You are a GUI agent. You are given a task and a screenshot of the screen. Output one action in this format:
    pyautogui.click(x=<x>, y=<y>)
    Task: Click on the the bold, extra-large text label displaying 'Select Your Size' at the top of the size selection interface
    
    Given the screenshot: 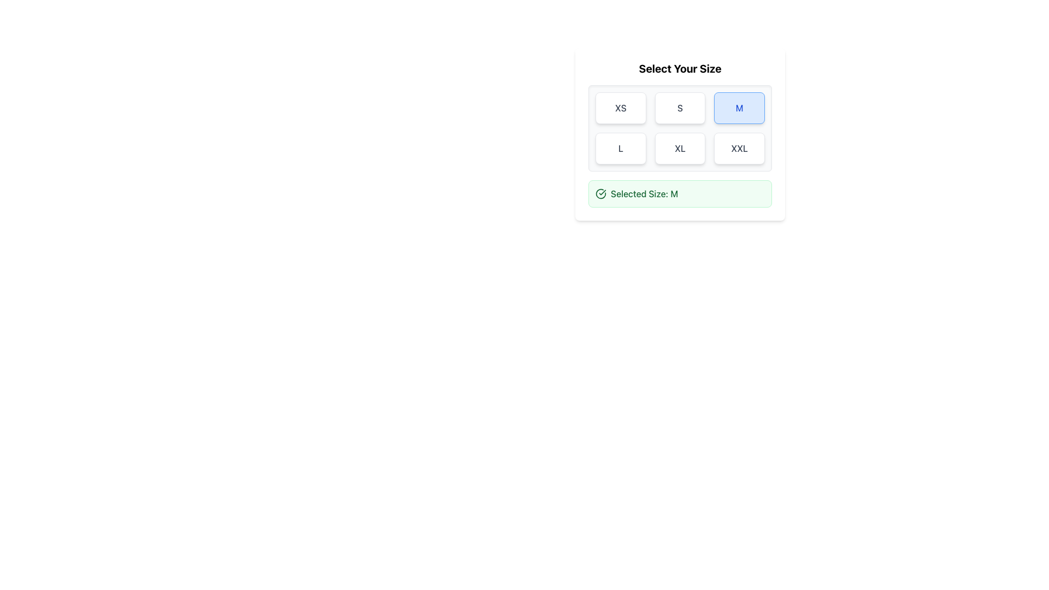 What is the action you would take?
    pyautogui.click(x=679, y=69)
    